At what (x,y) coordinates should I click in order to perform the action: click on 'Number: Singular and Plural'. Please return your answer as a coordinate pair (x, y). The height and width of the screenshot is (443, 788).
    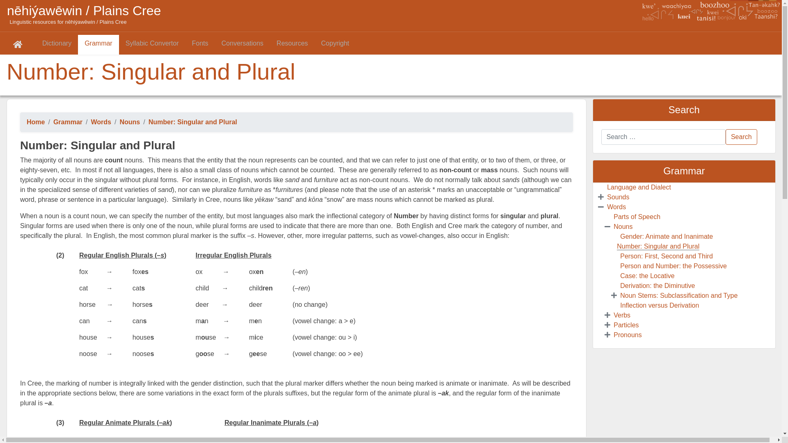
    Looking at the image, I should click on (148, 122).